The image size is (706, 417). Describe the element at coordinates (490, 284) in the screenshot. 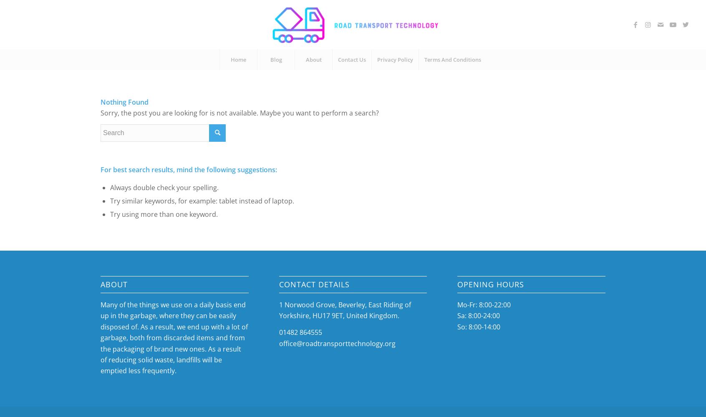

I see `'Opening Hours'` at that location.